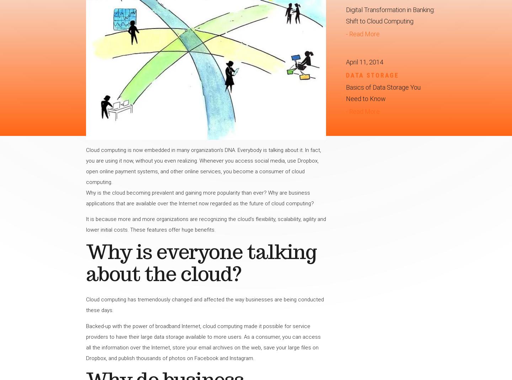 This screenshot has width=512, height=380. Describe the element at coordinates (203, 342) in the screenshot. I see `'Backed-up with the power of broadband Internet, cloud computing made it possible for service providers to have their large data storage available to more users. As a consumer, you can access all the information over the Internet, store your email archives on the web, save your large files on Dropbox, and publish thousands of photos on Facebook and Instagram.'` at that location.